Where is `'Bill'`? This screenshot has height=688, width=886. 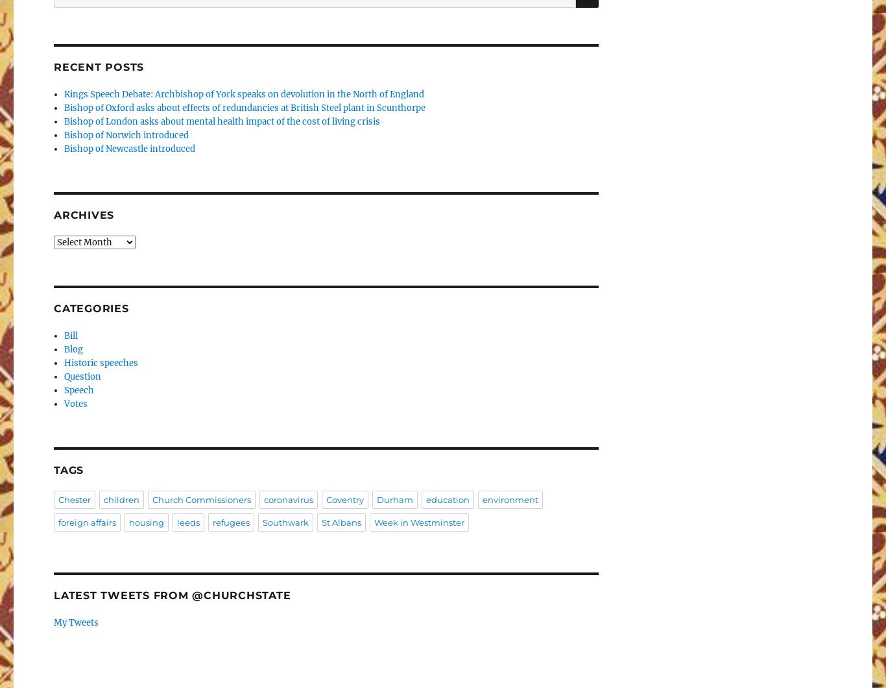 'Bill' is located at coordinates (71, 334).